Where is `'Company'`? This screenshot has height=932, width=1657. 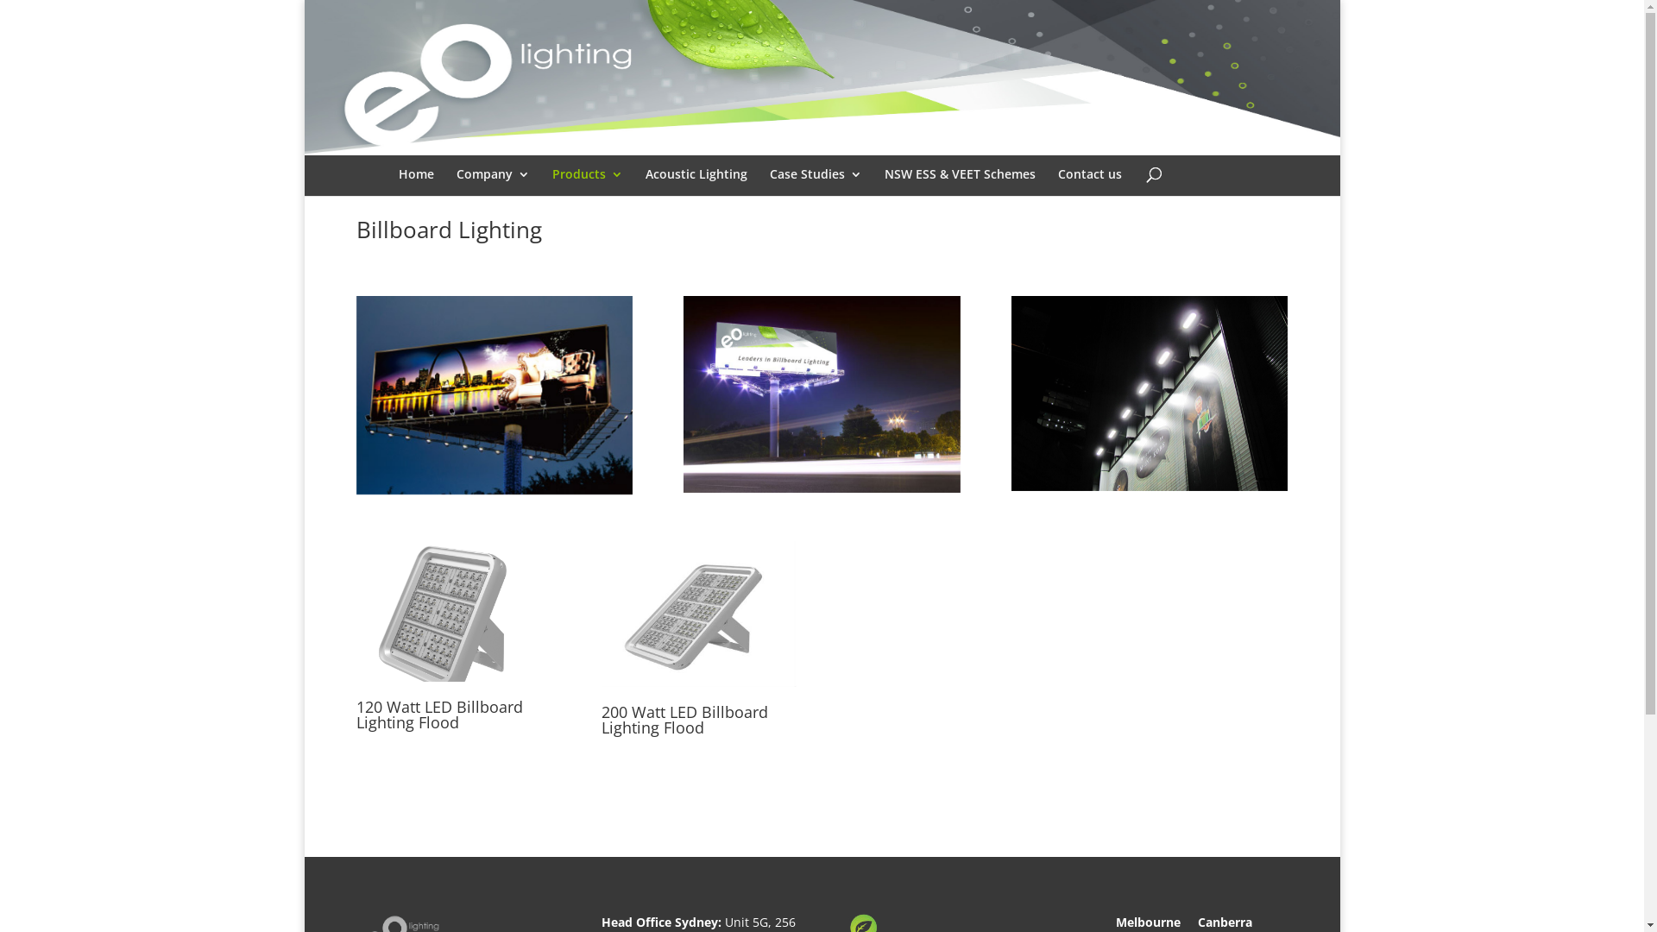
'Company' is located at coordinates (491, 186).